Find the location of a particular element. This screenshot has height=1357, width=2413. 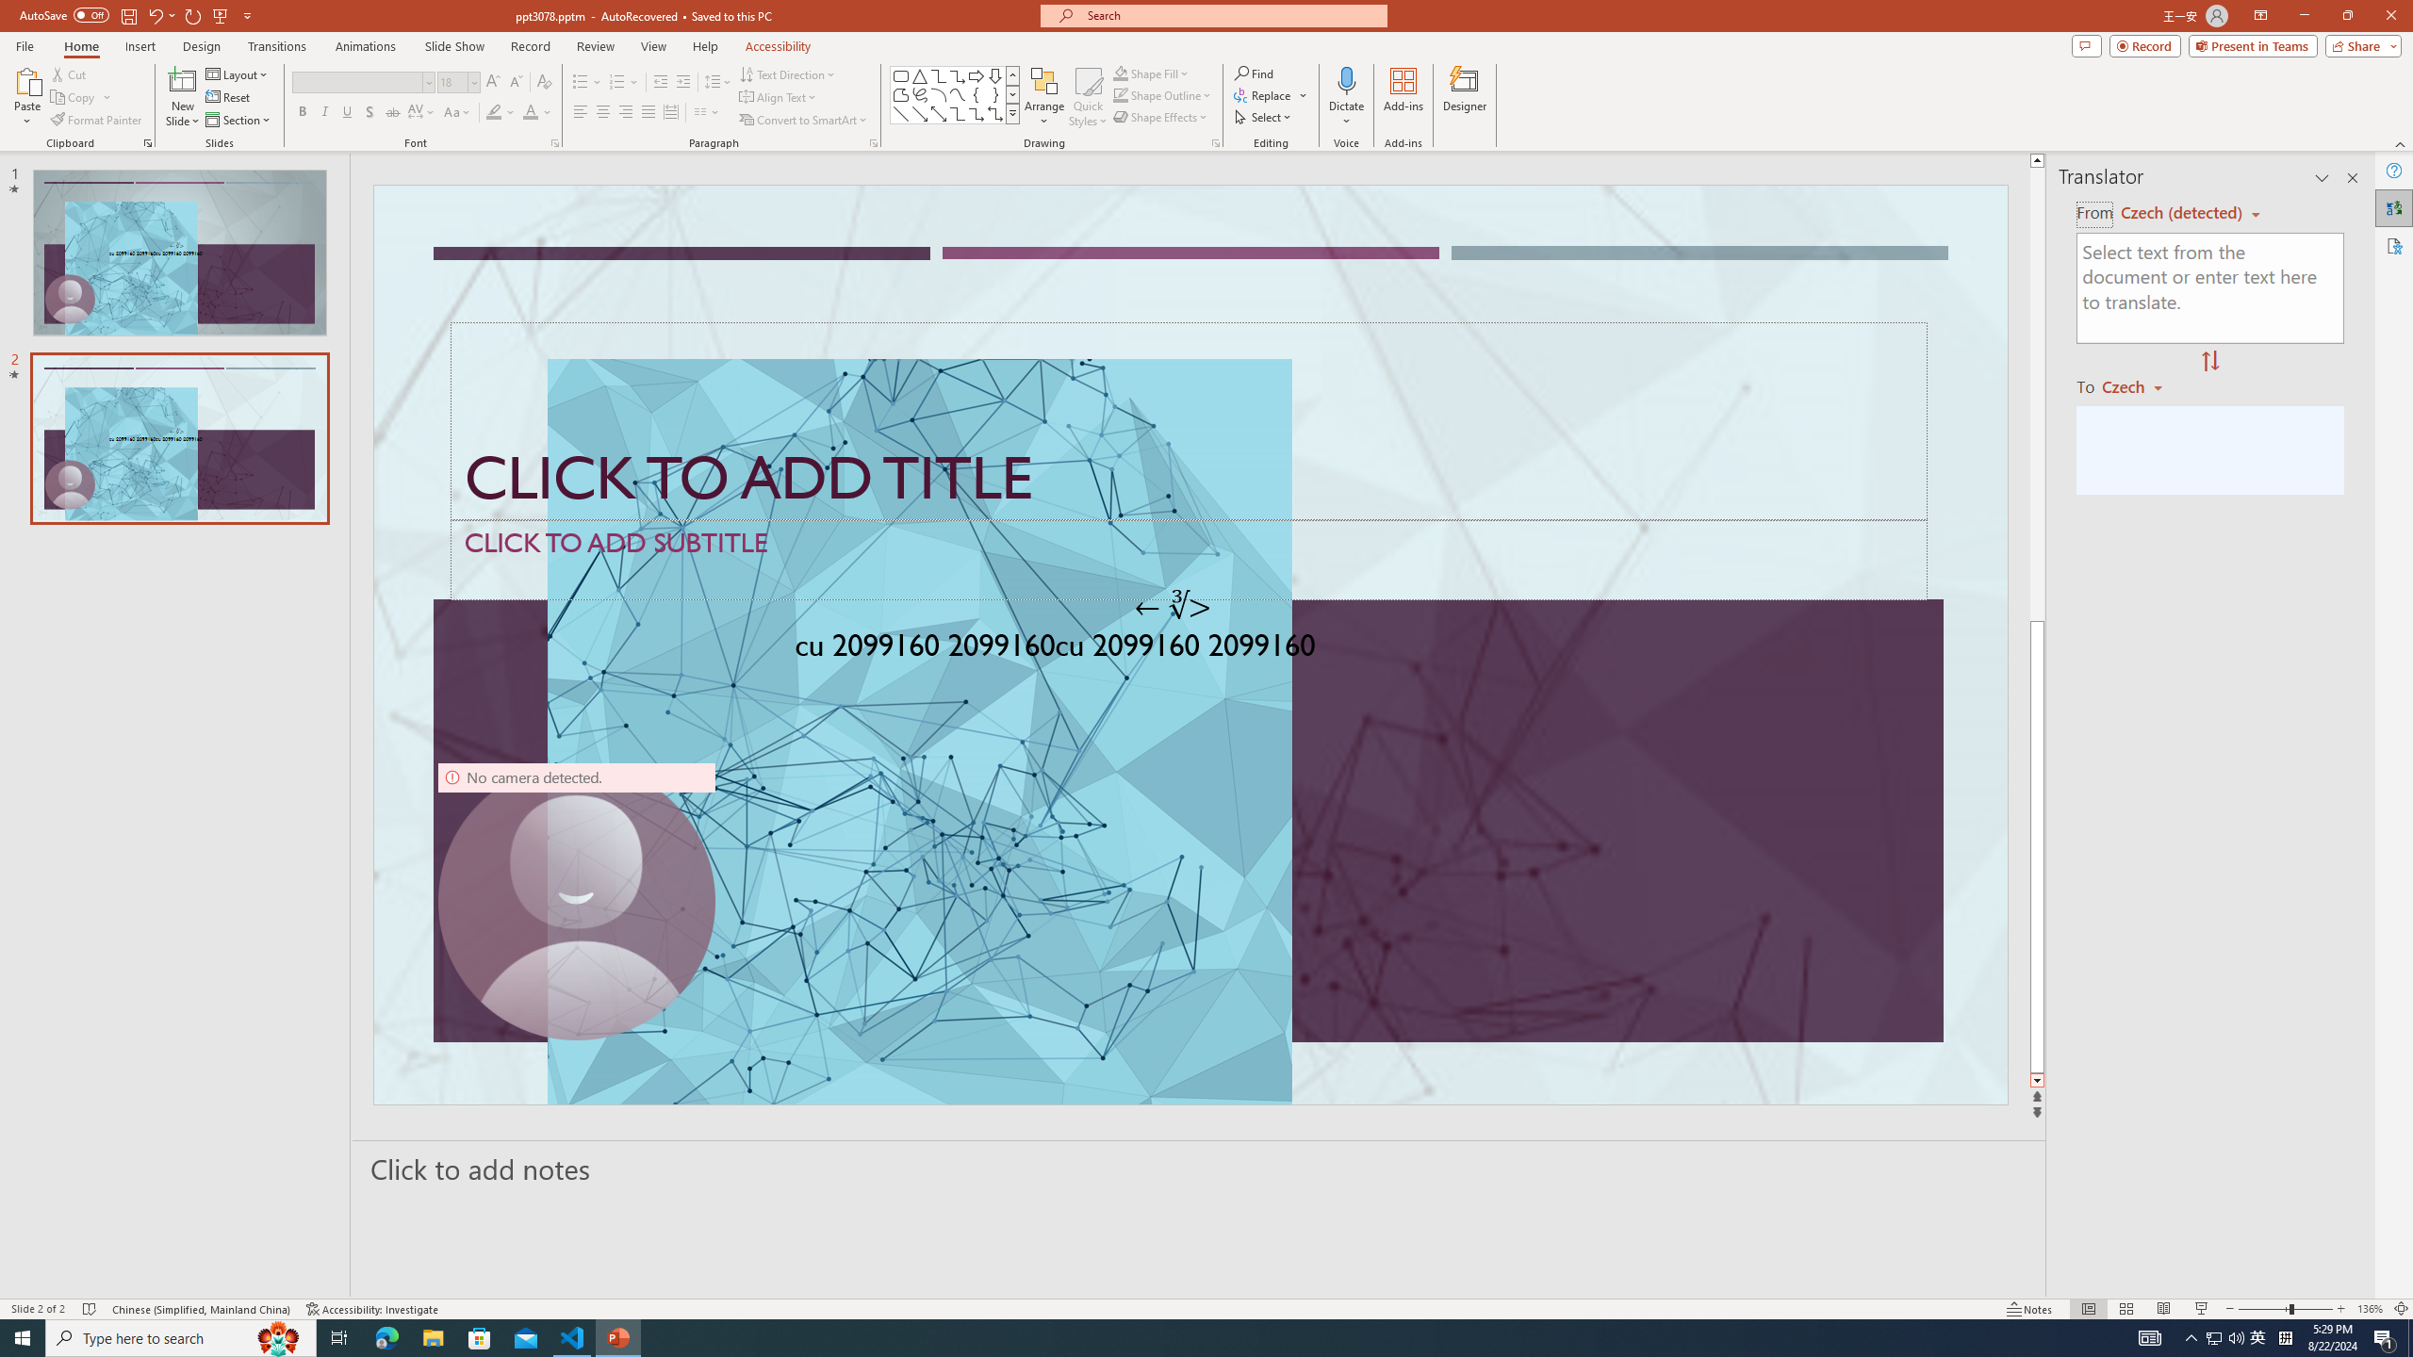

'Shape Fill Dark Green, Accent 2' is located at coordinates (1121, 73).